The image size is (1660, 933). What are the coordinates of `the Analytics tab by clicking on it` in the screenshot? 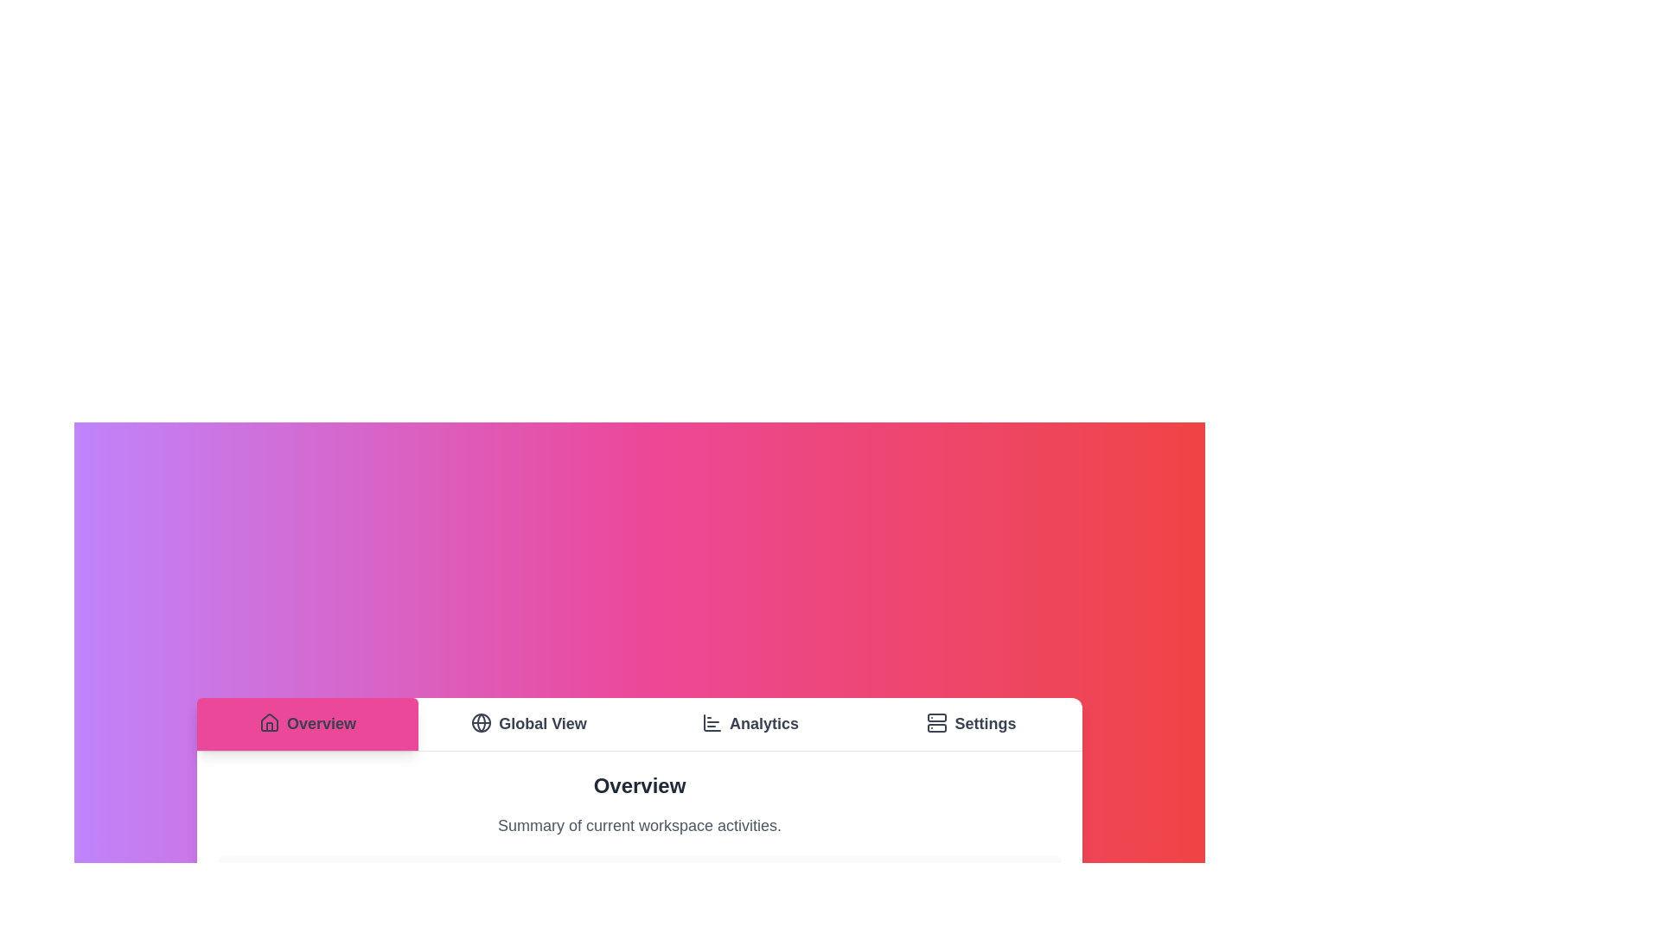 It's located at (750, 724).